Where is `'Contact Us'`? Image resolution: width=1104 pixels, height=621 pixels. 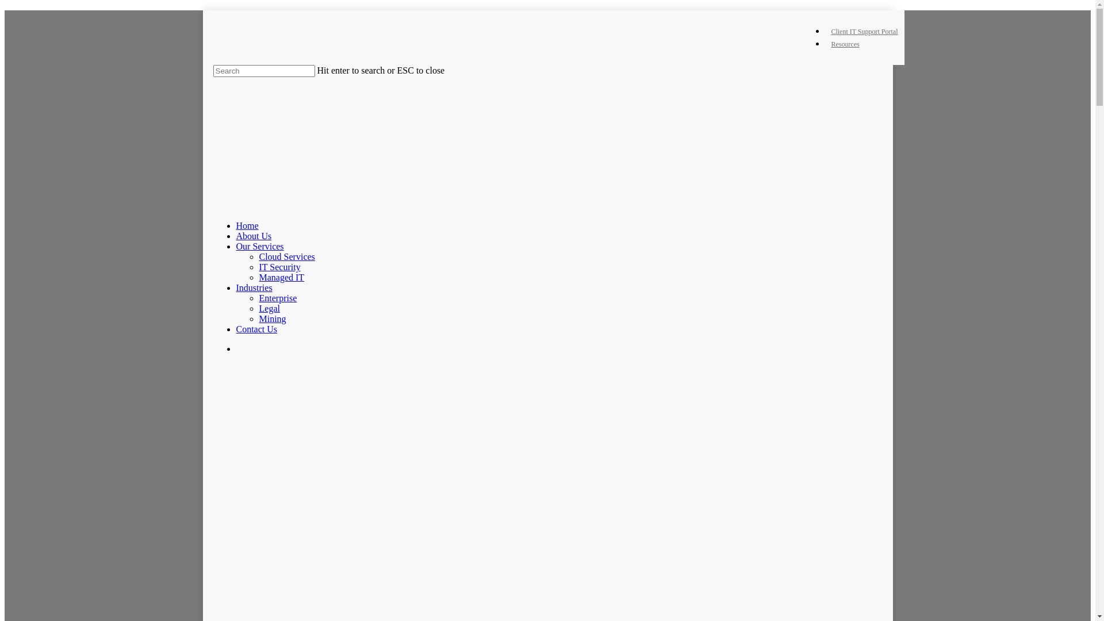 'Contact Us' is located at coordinates (256, 329).